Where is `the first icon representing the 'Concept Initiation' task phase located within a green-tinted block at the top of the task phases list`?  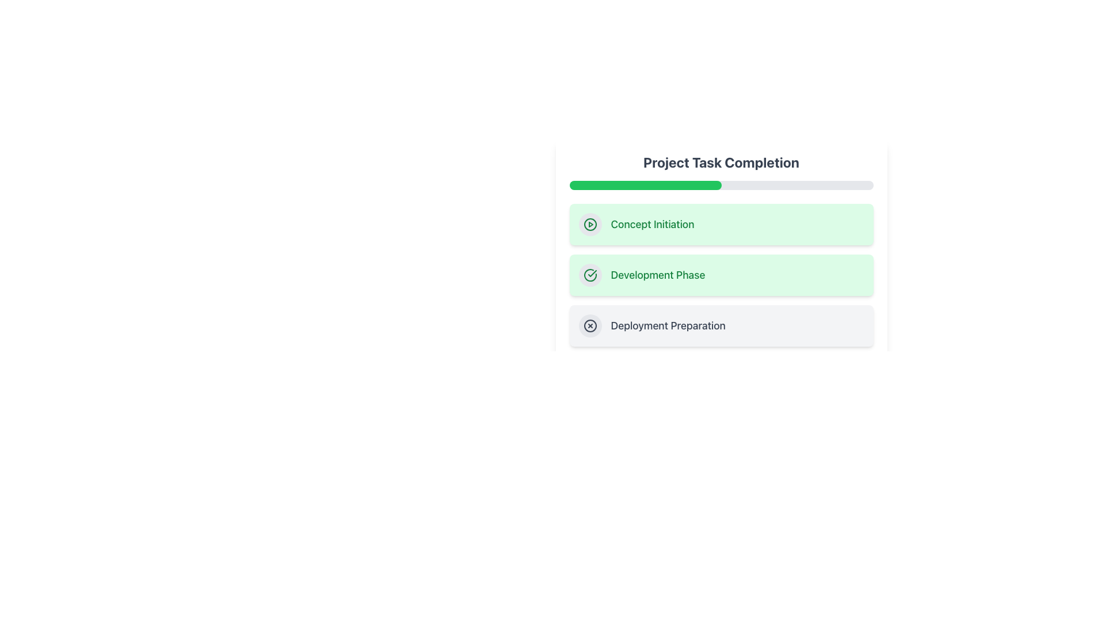
the first icon representing the 'Concept Initiation' task phase located within a green-tinted block at the top of the task phases list is located at coordinates (590, 224).